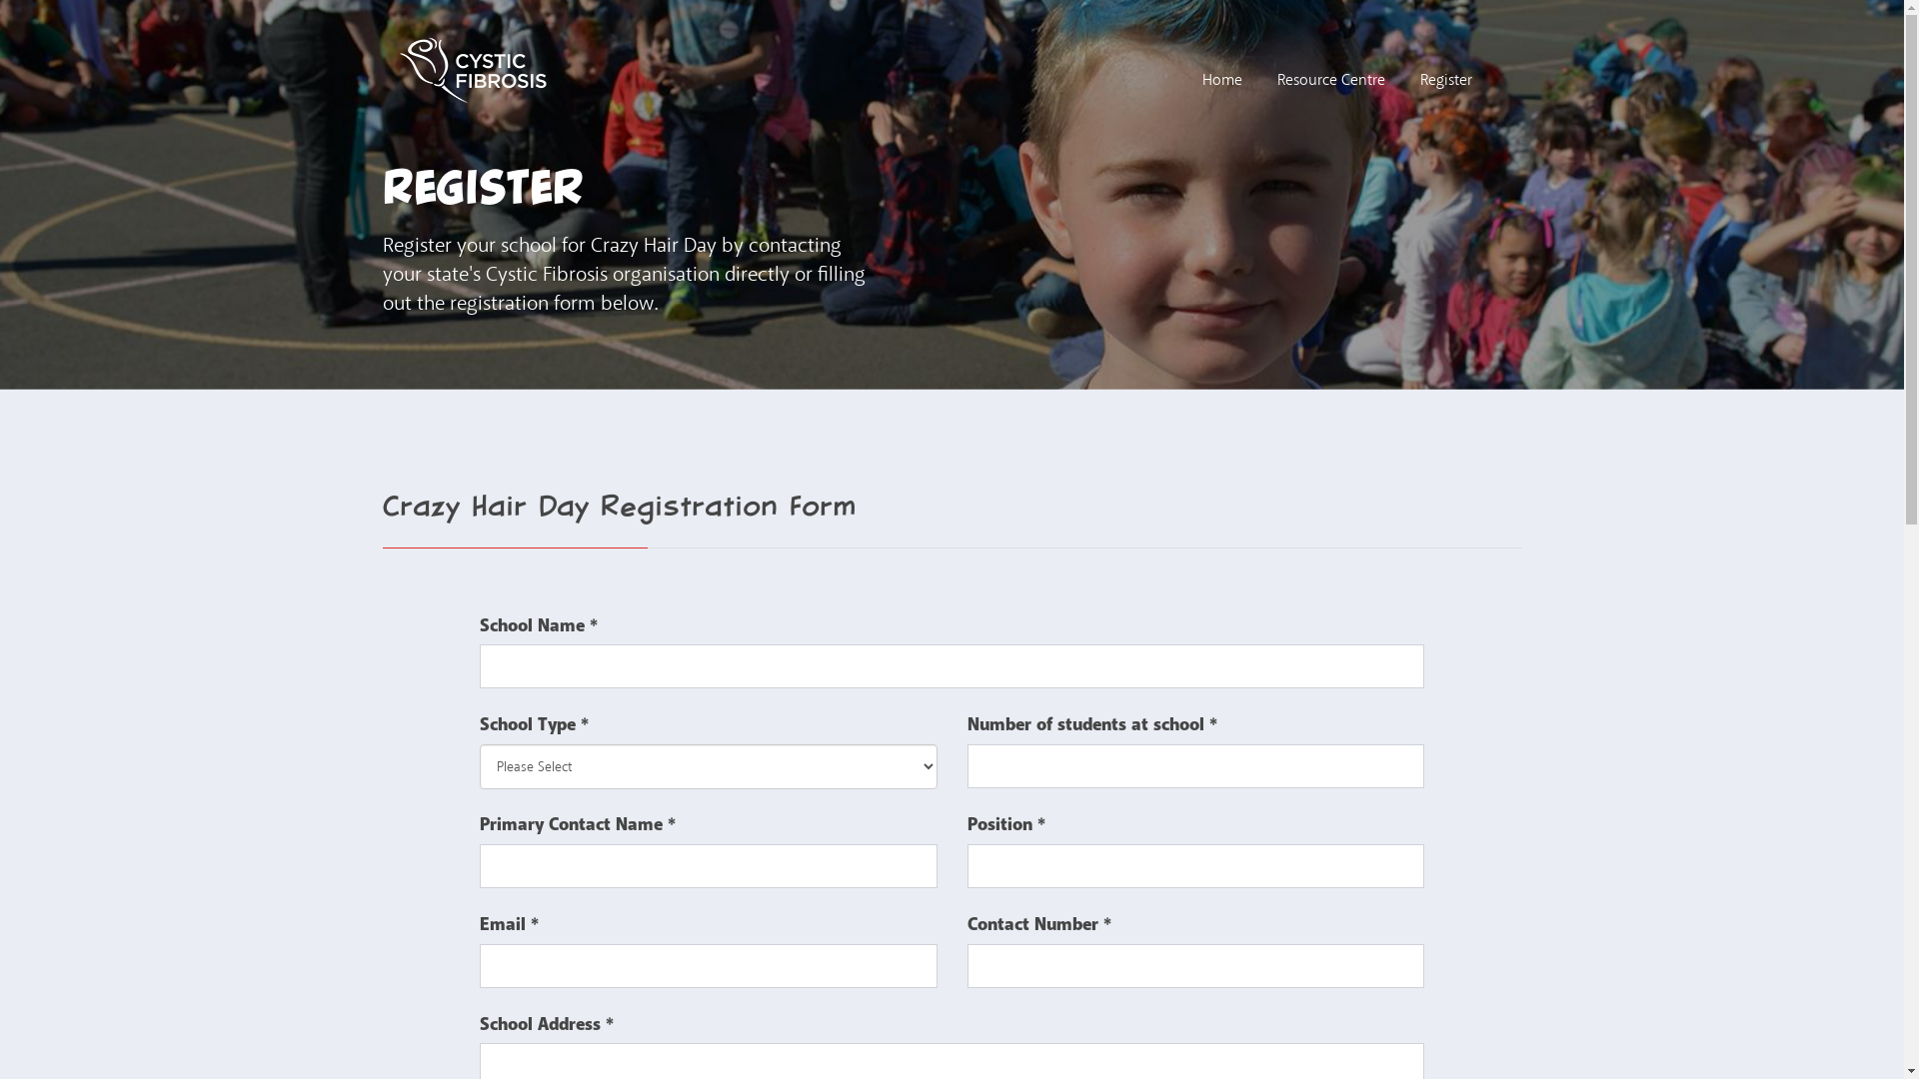 This screenshot has width=1919, height=1079. What do you see at coordinates (1444, 80) in the screenshot?
I see `'Register'` at bounding box center [1444, 80].